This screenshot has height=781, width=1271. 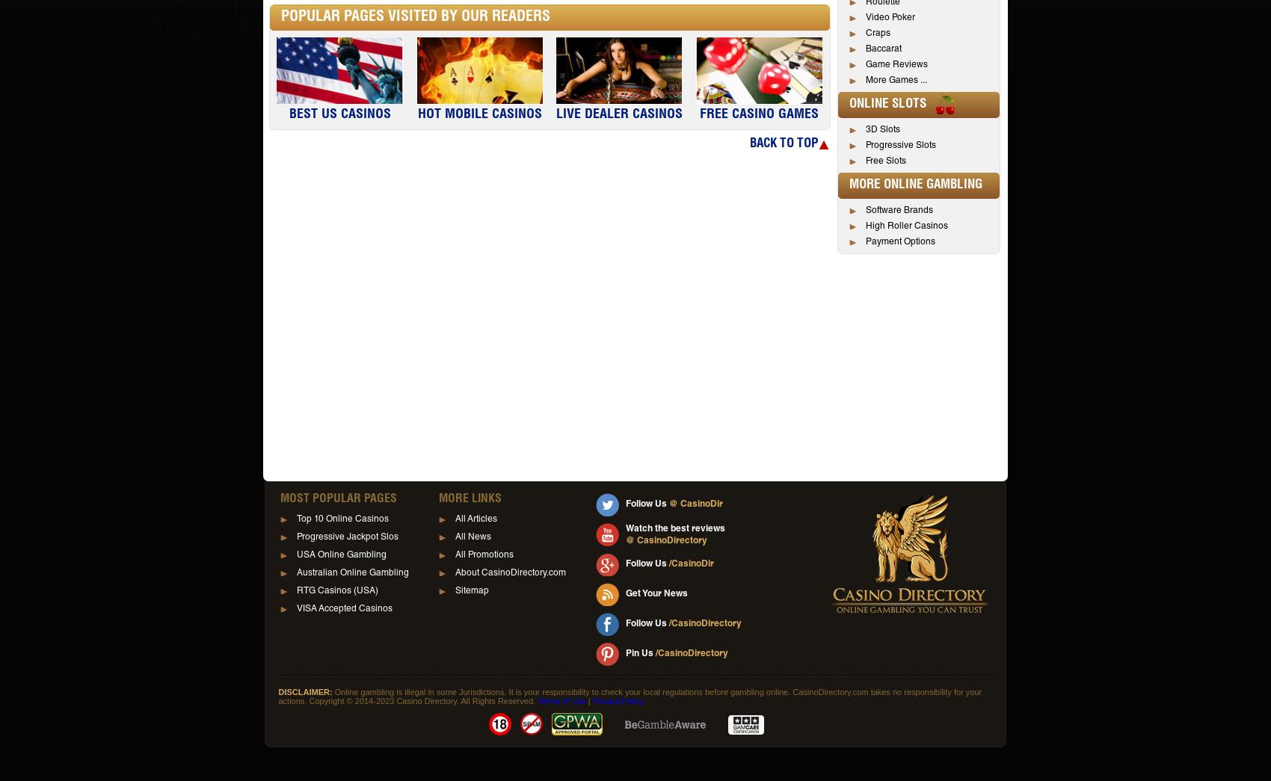 What do you see at coordinates (617, 700) in the screenshot?
I see `'Privacy Policy'` at bounding box center [617, 700].